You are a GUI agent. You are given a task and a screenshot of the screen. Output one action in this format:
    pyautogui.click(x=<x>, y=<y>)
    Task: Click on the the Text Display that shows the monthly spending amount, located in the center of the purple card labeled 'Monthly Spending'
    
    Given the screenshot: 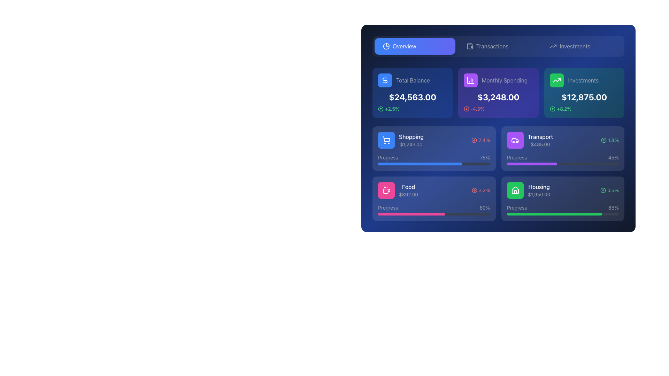 What is the action you would take?
    pyautogui.click(x=498, y=97)
    